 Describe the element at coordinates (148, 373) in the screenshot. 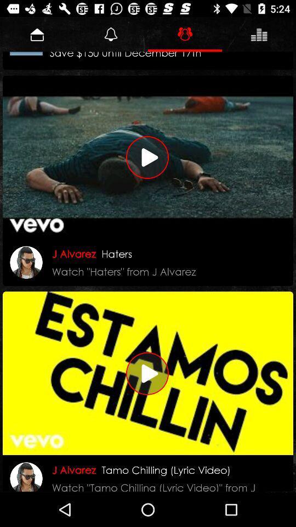

I see `the video` at that location.